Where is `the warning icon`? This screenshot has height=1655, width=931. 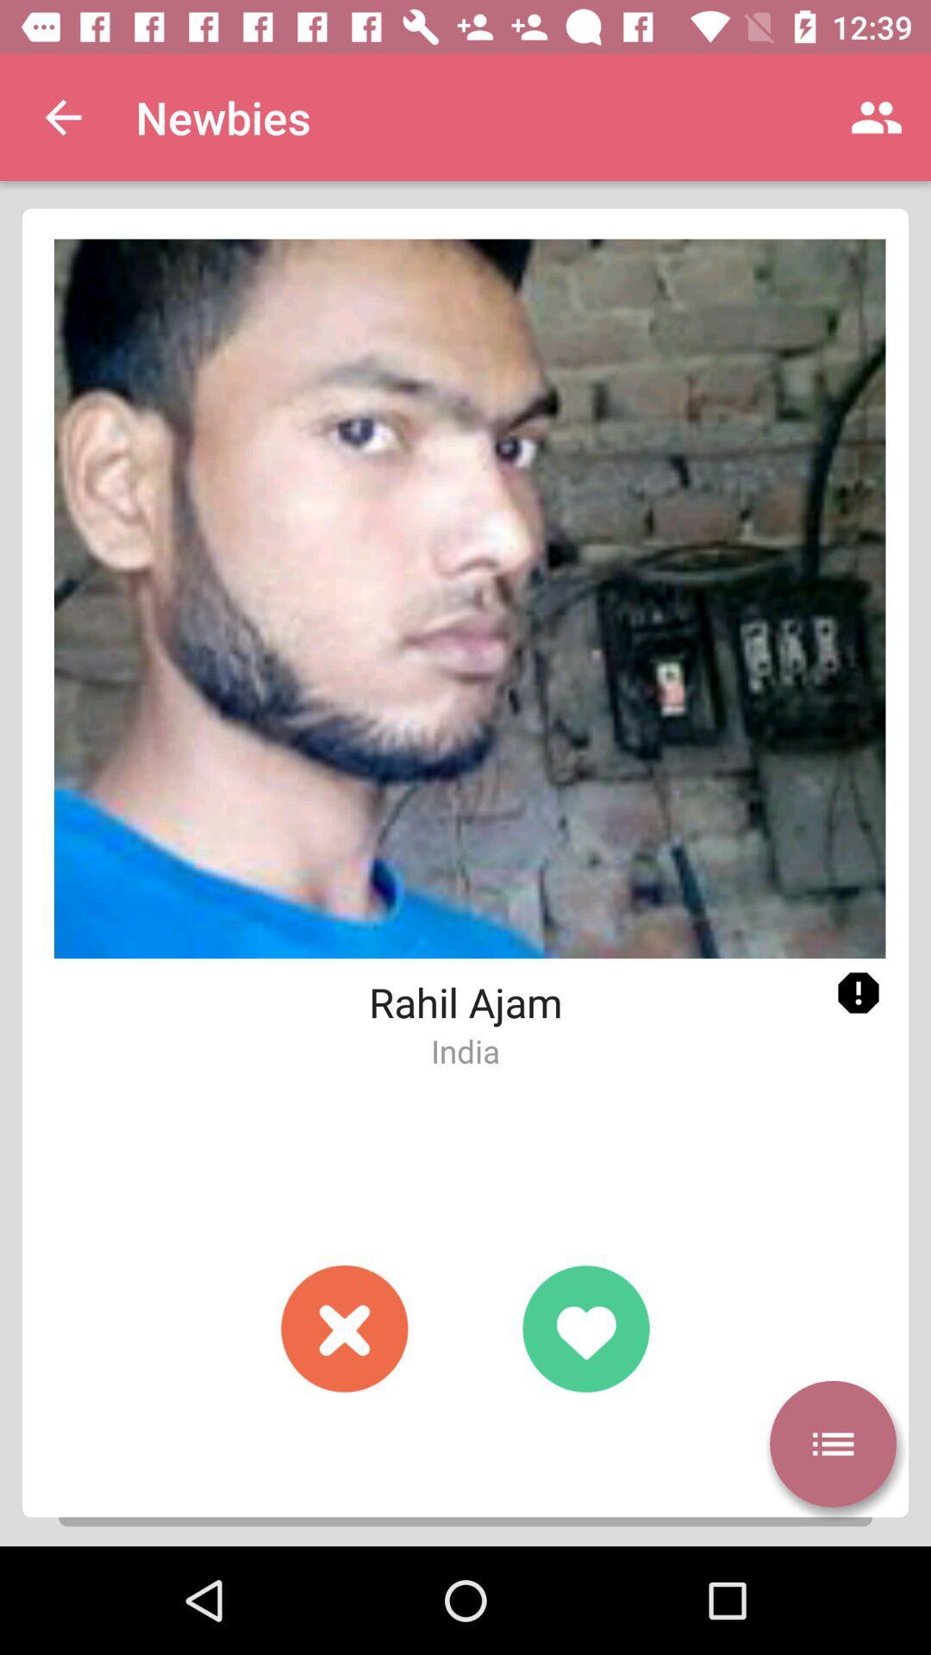
the warning icon is located at coordinates (858, 993).